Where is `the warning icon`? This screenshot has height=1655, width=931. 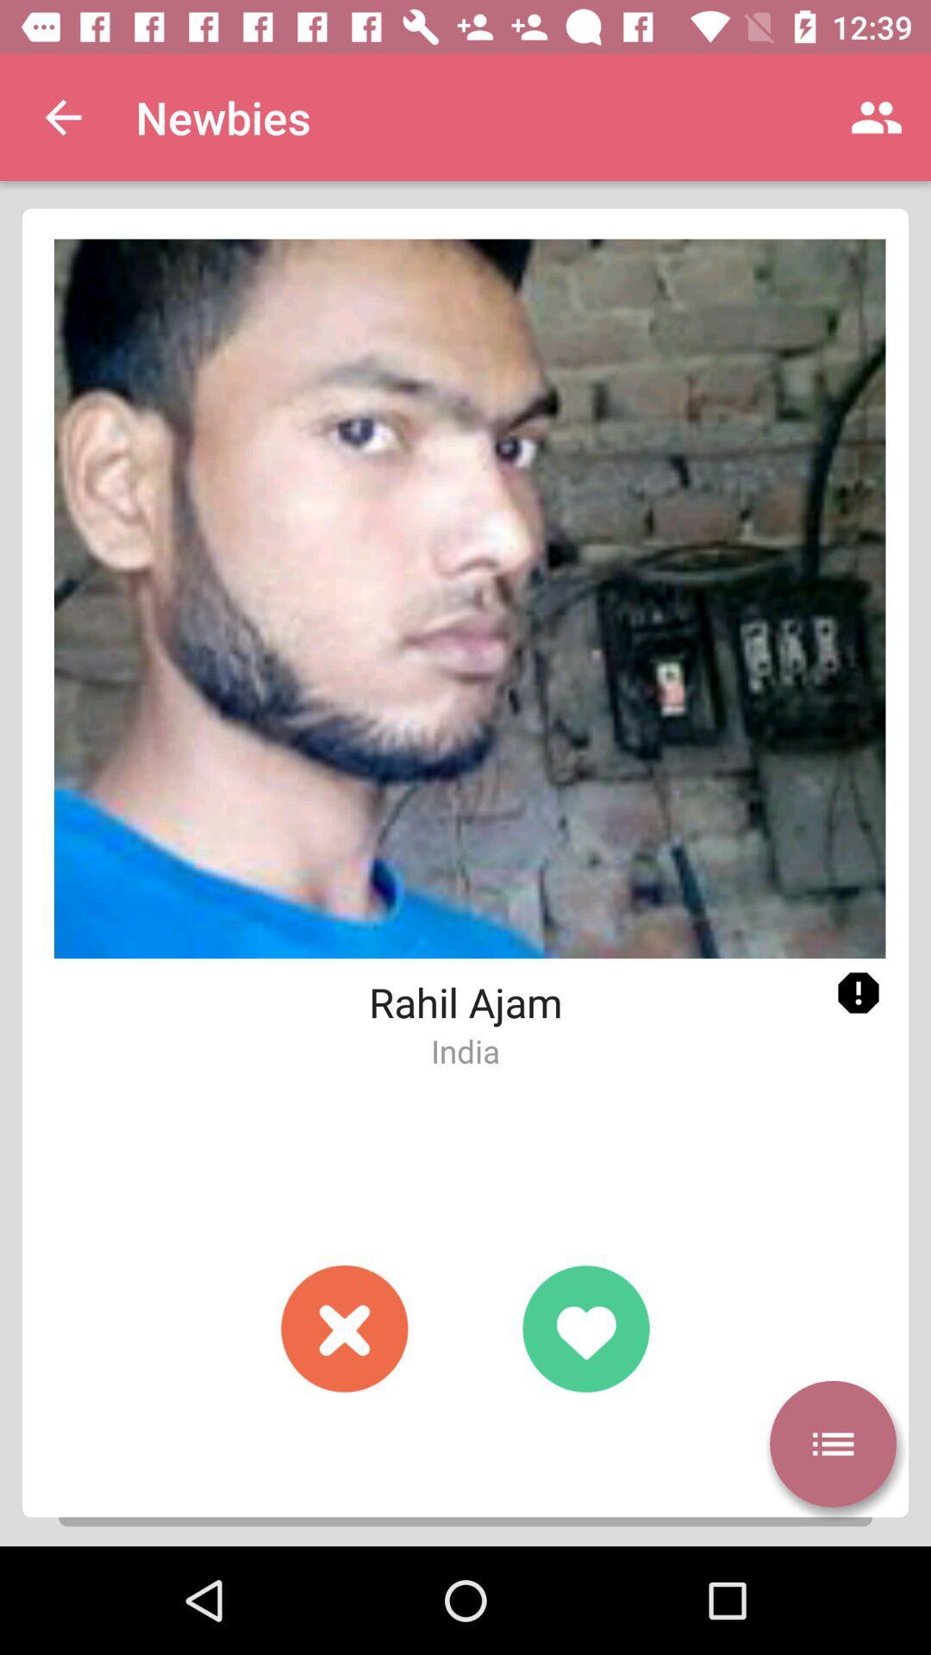
the warning icon is located at coordinates (858, 993).